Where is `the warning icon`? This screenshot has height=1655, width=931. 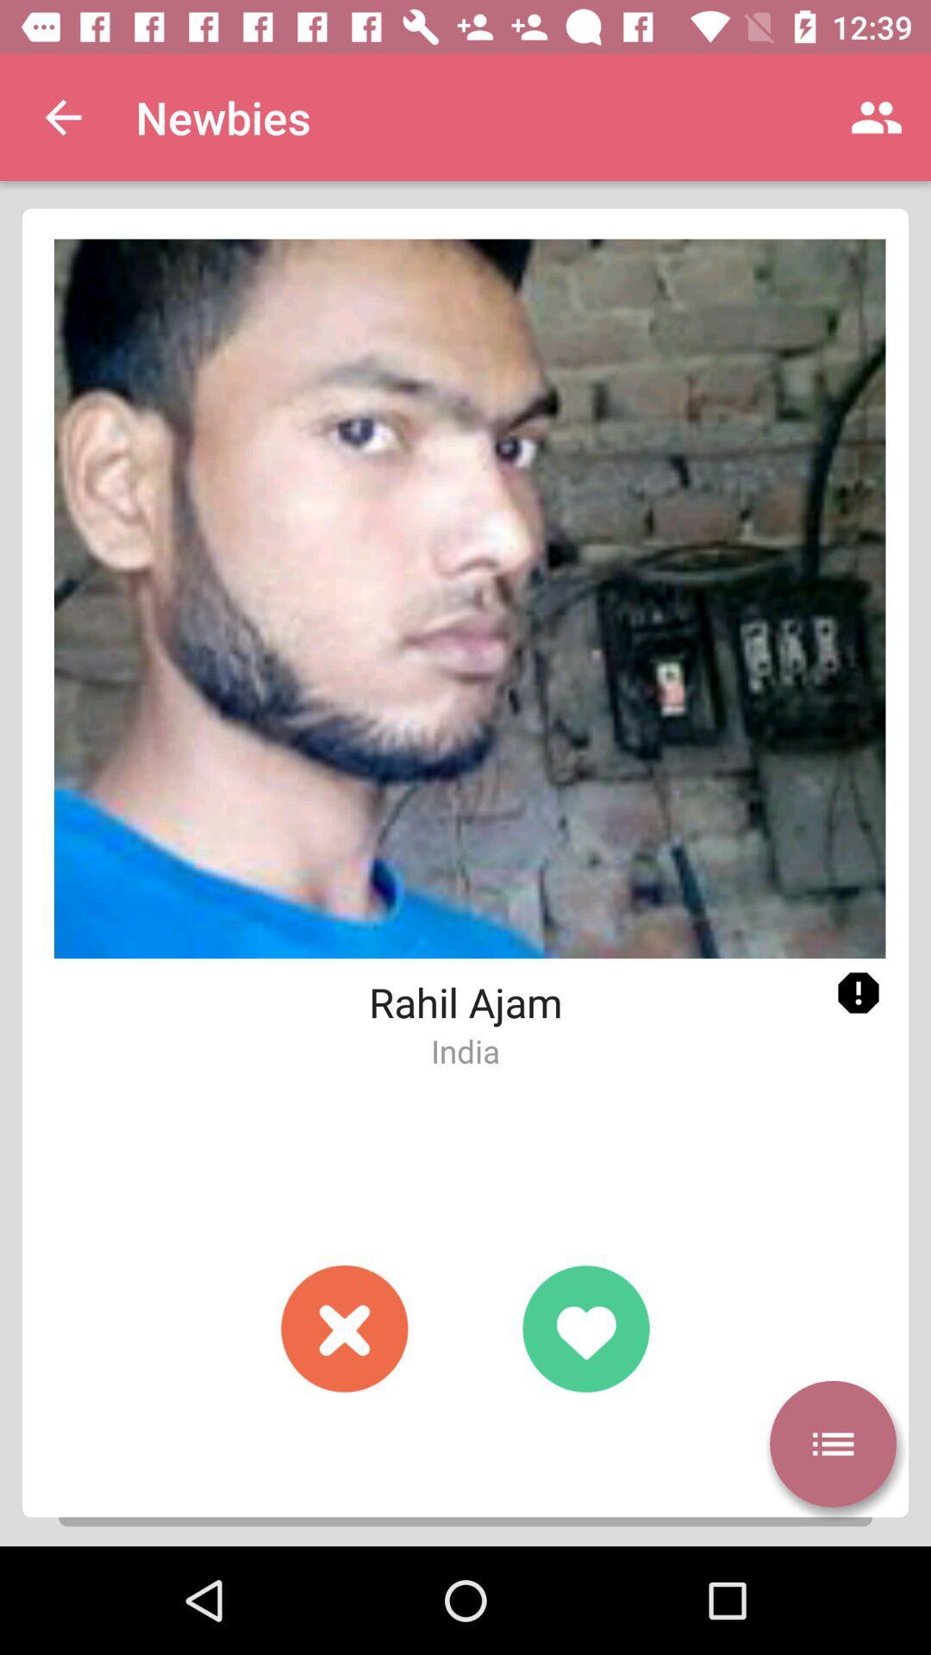
the warning icon is located at coordinates (858, 993).